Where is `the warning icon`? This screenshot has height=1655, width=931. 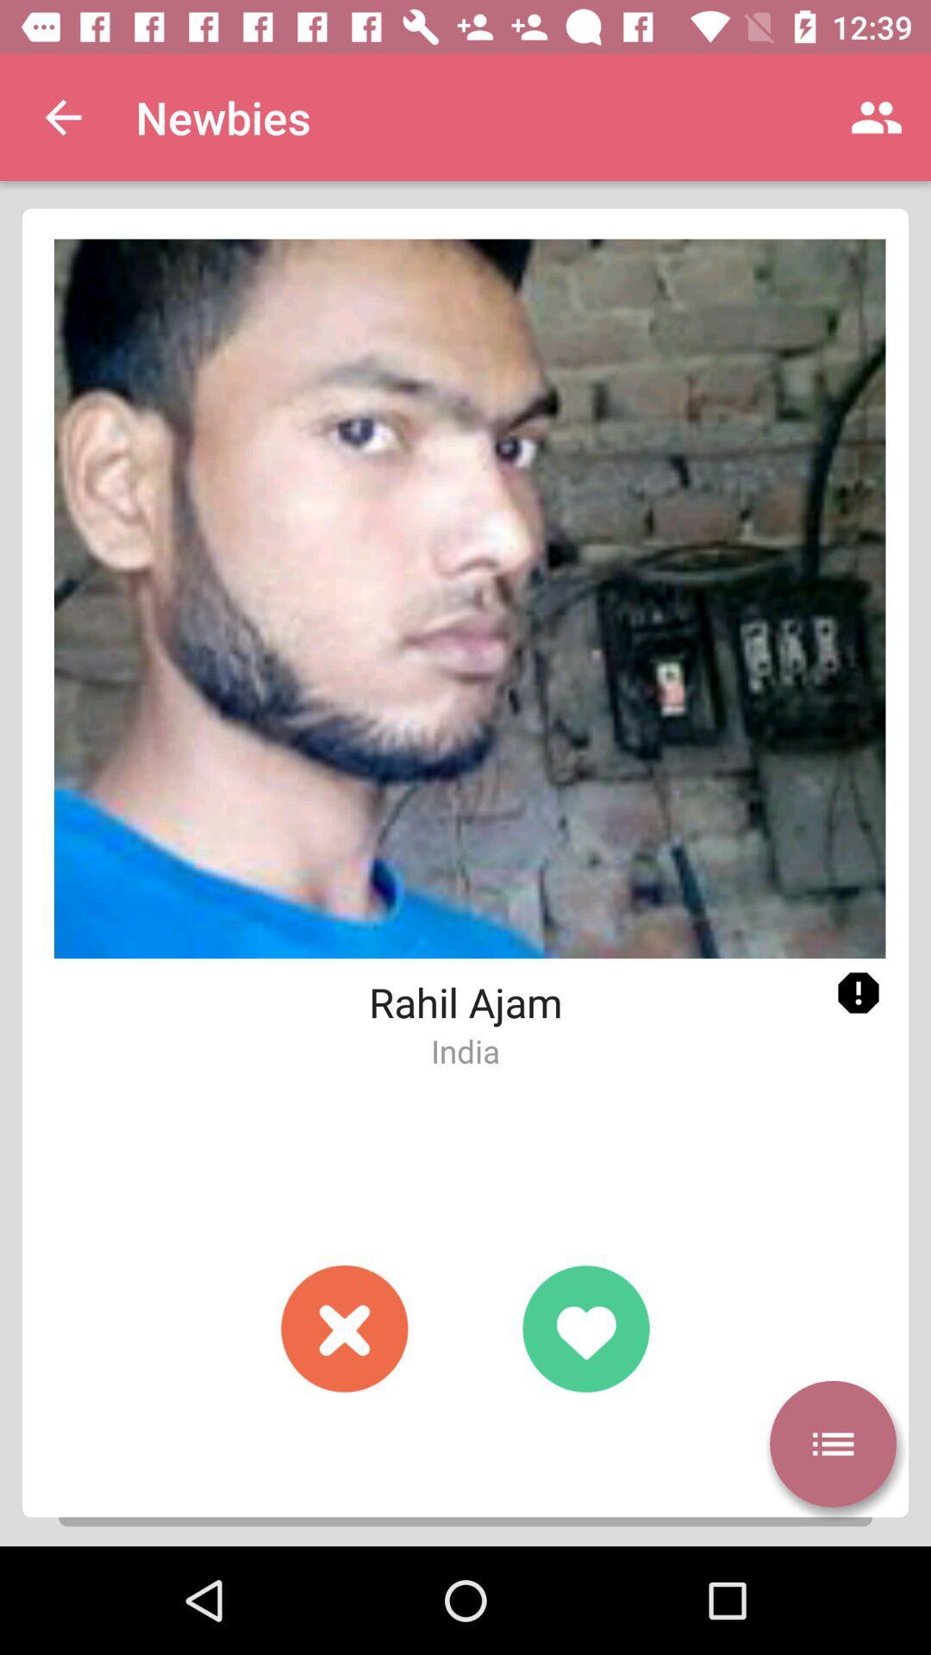
the warning icon is located at coordinates (858, 993).